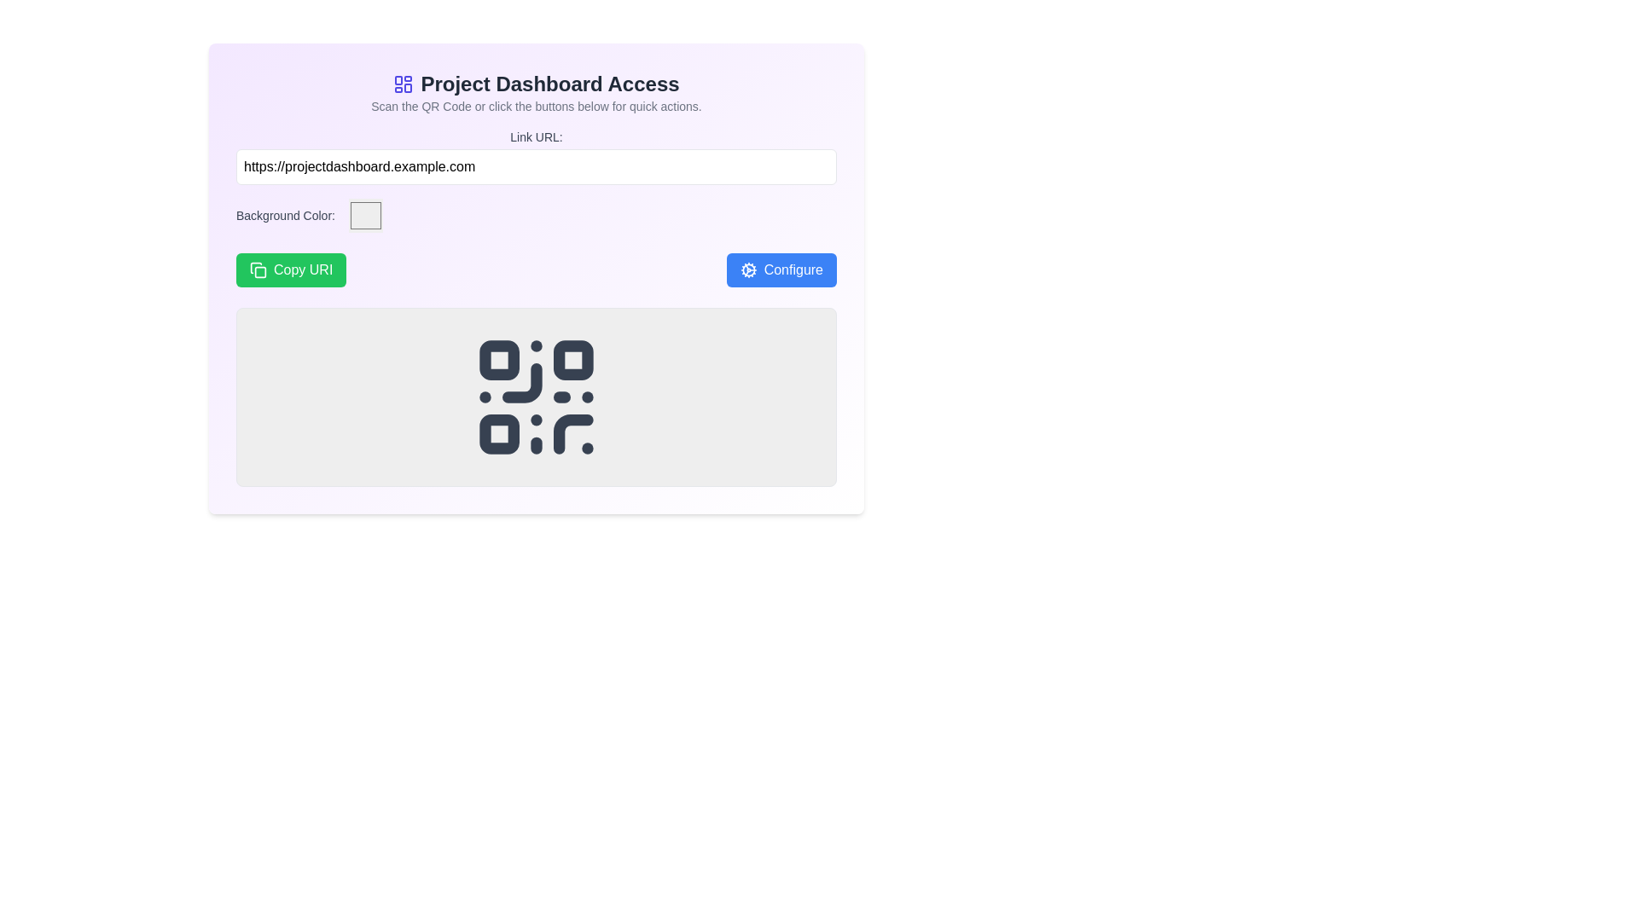 Image resolution: width=1638 pixels, height=921 pixels. What do you see at coordinates (286, 215) in the screenshot?
I see `the text label that reads 'Background Color:' which is styled in gray and located near the top-left corner of the page, to the left of the color picker box` at bounding box center [286, 215].